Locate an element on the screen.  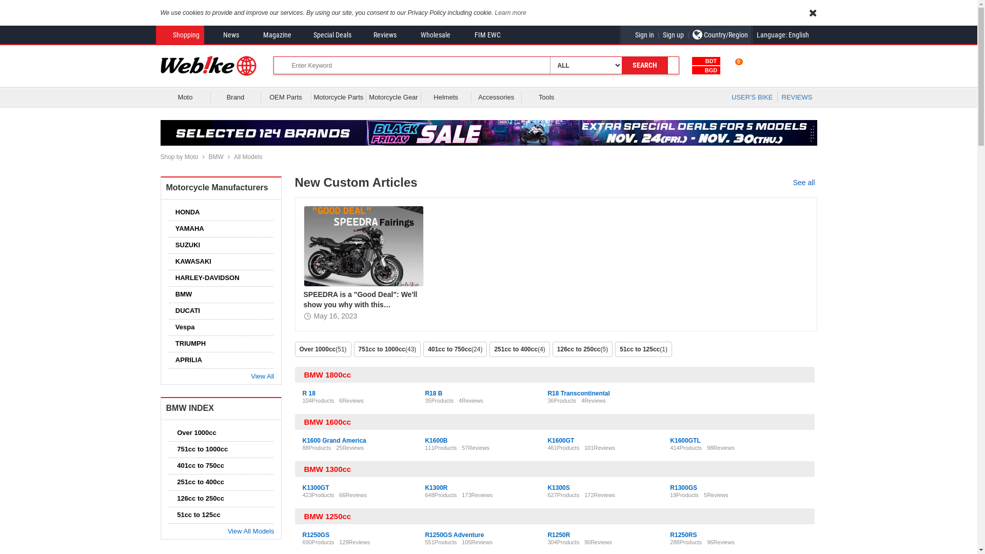
'51cc to 125cc(1)' is located at coordinates (615, 349).